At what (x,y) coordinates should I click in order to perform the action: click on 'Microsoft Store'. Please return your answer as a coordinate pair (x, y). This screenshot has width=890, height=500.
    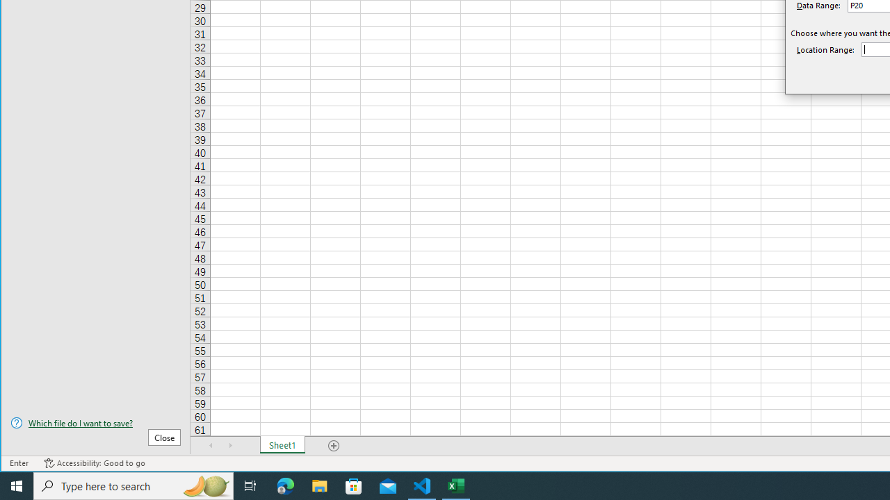
    Looking at the image, I should click on (354, 485).